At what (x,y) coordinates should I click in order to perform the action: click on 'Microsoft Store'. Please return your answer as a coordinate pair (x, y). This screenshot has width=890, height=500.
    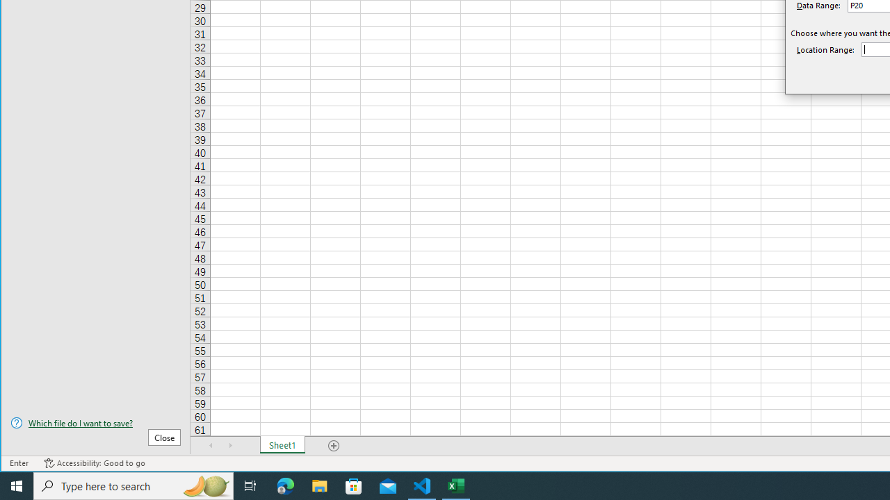
    Looking at the image, I should click on (354, 485).